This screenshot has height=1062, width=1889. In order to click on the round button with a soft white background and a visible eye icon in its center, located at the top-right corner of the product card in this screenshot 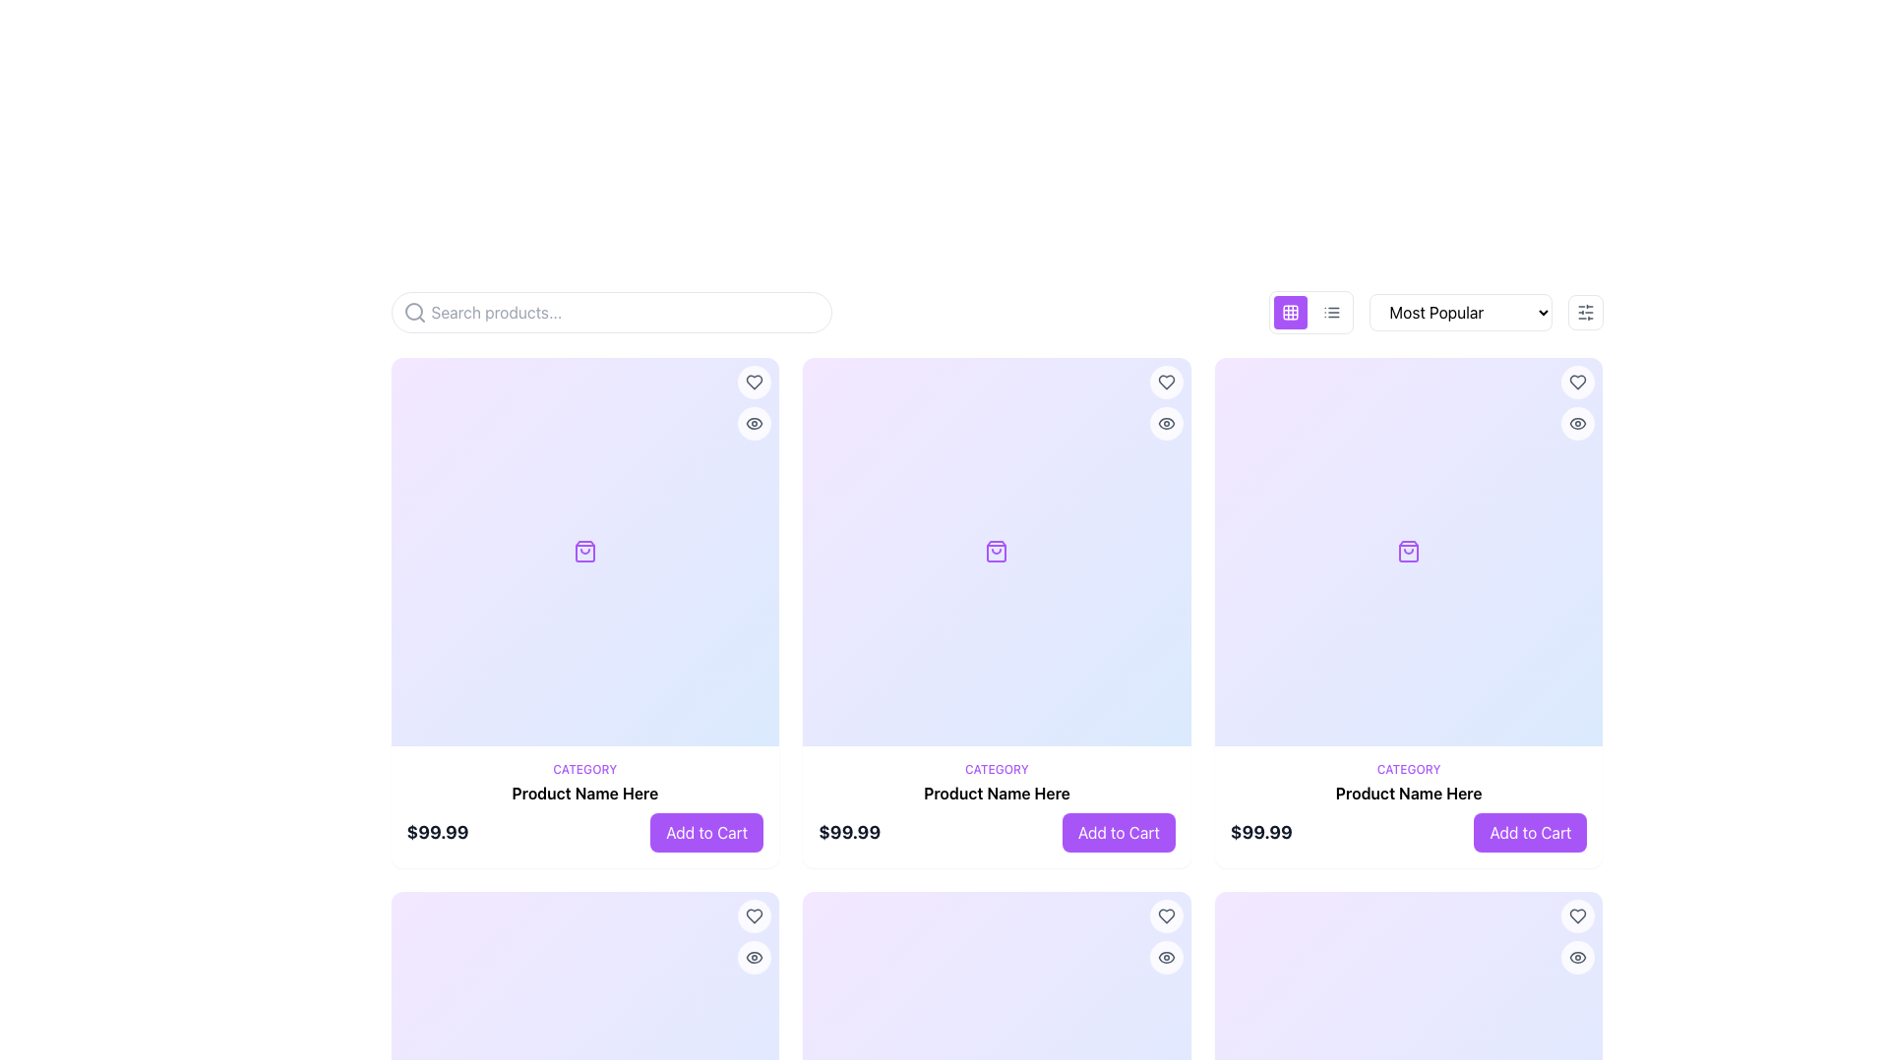, I will do `click(1578, 423)`.